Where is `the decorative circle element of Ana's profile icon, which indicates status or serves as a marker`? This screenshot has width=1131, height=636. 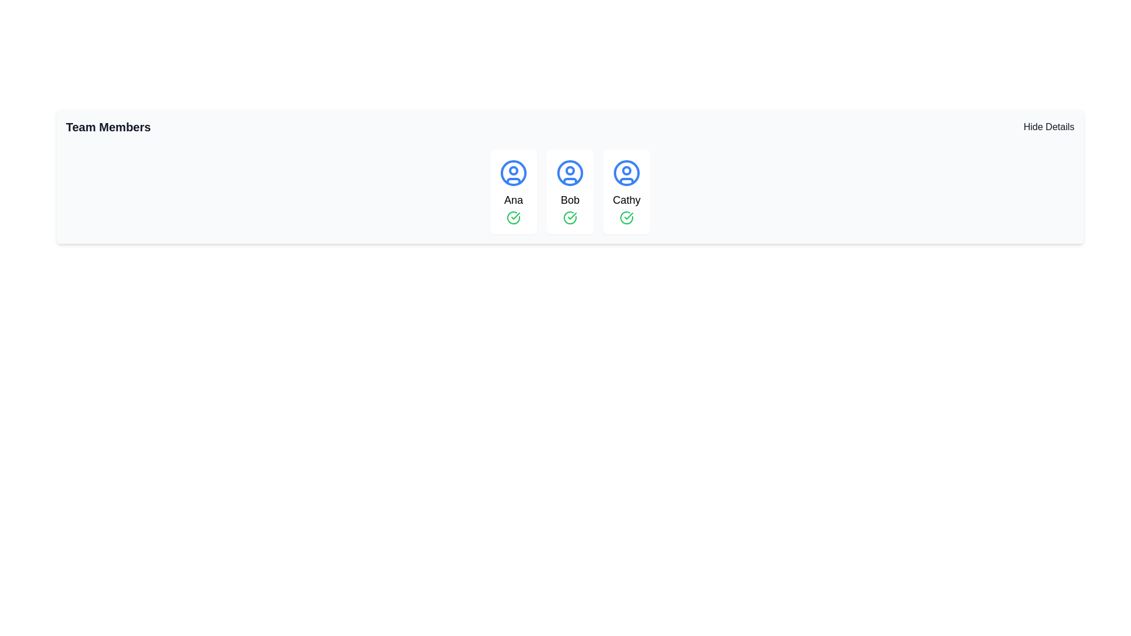
the decorative circle element of Ana's profile icon, which indicates status or serves as a marker is located at coordinates (514, 170).